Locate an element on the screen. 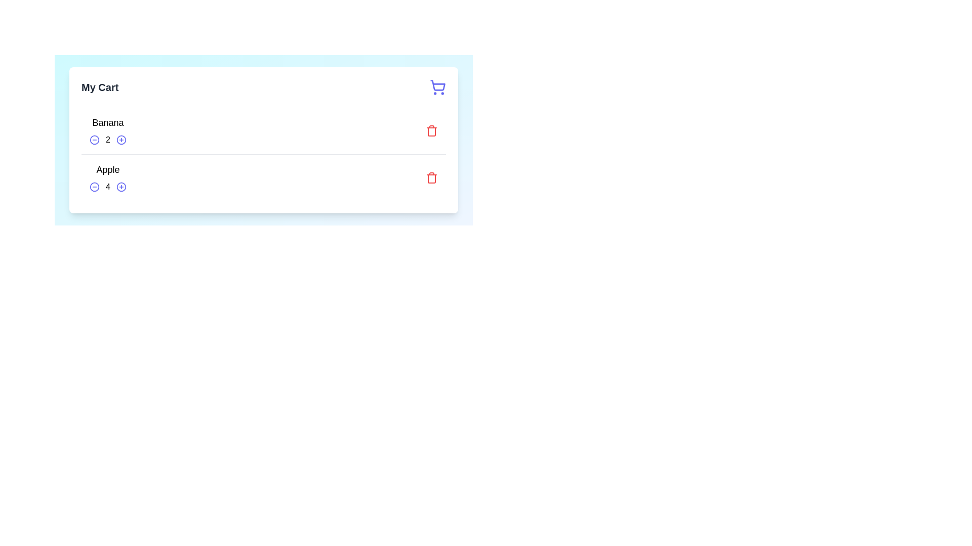 This screenshot has width=972, height=546. the shopping cart icon outline, which is located in the top-right corner of the interface, above the item list is located at coordinates (438, 85).